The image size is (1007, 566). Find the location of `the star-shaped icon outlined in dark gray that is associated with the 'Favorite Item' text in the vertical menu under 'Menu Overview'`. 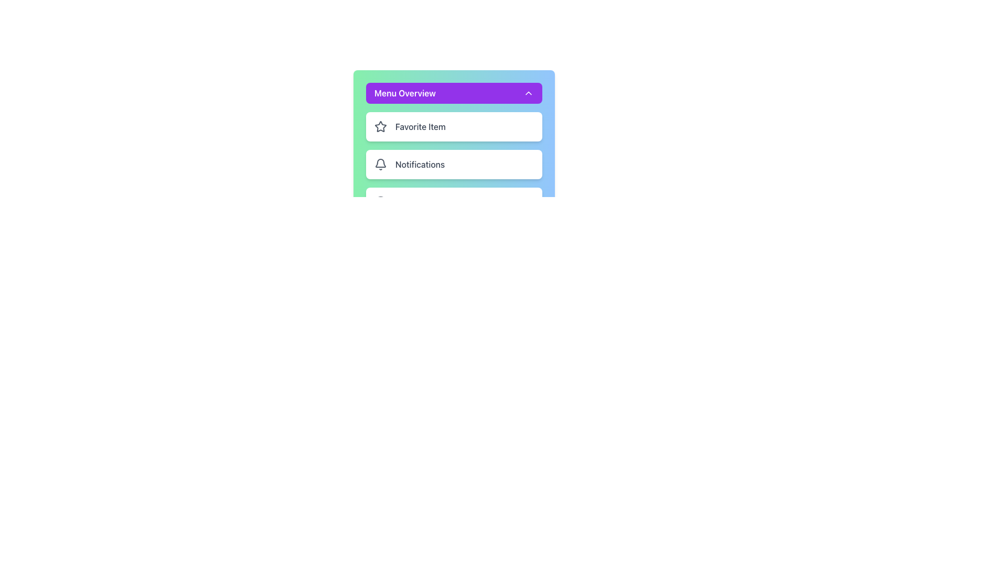

the star-shaped icon outlined in dark gray that is associated with the 'Favorite Item' text in the vertical menu under 'Menu Overview' is located at coordinates (380, 126).